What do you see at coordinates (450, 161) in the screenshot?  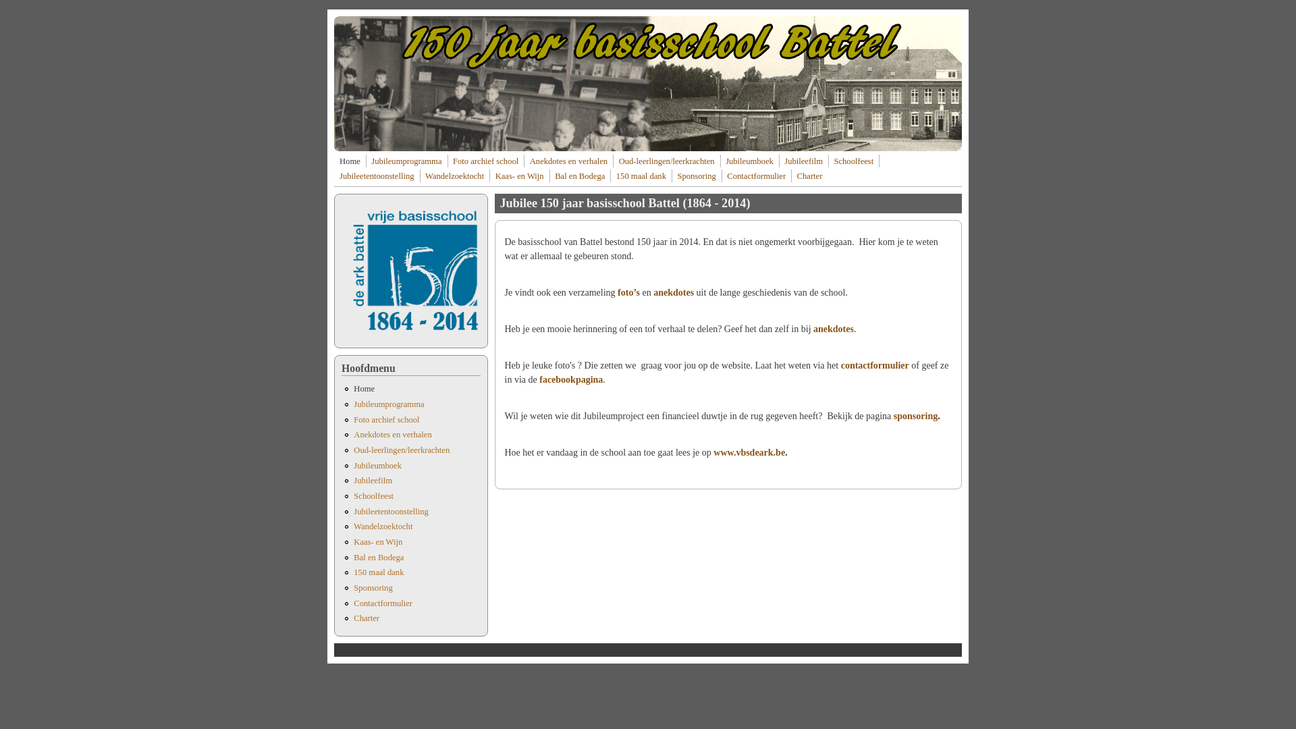 I see `'Foto archief school'` at bounding box center [450, 161].